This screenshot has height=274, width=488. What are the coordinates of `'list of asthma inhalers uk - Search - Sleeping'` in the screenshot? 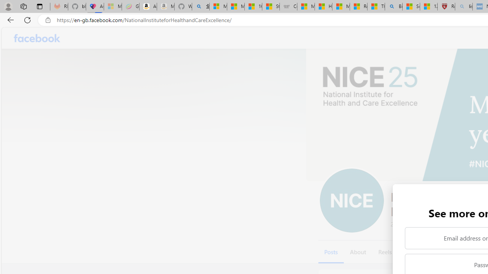 It's located at (463, 6).